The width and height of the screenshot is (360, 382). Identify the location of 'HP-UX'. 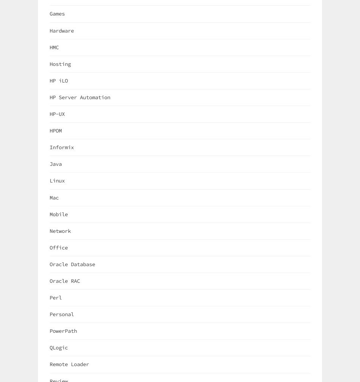
(57, 113).